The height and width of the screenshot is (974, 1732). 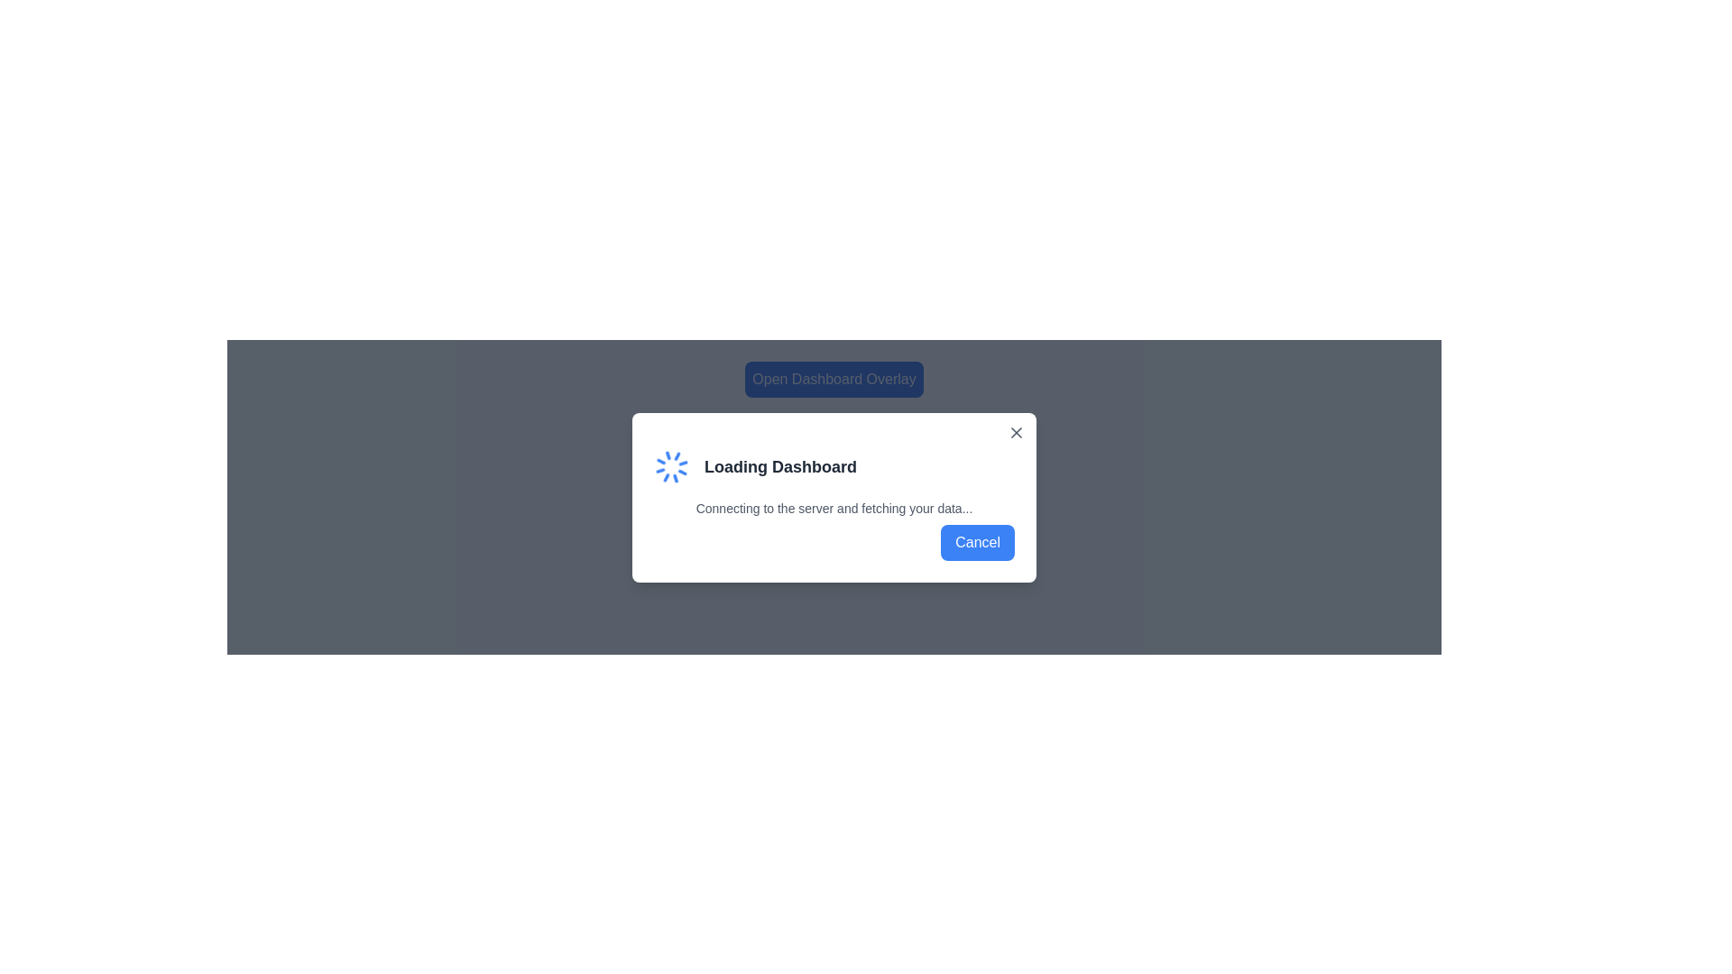 I want to click on the 'X' icon button located in the top-right corner of the popup window for interaction feedback, so click(x=1017, y=432).